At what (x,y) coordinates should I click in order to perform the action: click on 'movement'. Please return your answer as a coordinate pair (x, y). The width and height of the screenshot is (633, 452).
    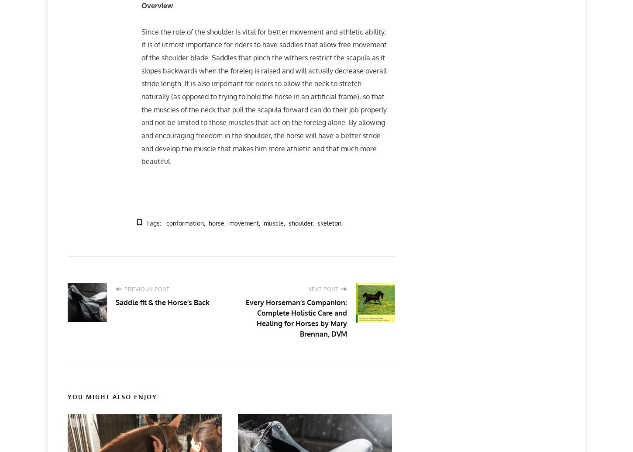
    Looking at the image, I should click on (244, 222).